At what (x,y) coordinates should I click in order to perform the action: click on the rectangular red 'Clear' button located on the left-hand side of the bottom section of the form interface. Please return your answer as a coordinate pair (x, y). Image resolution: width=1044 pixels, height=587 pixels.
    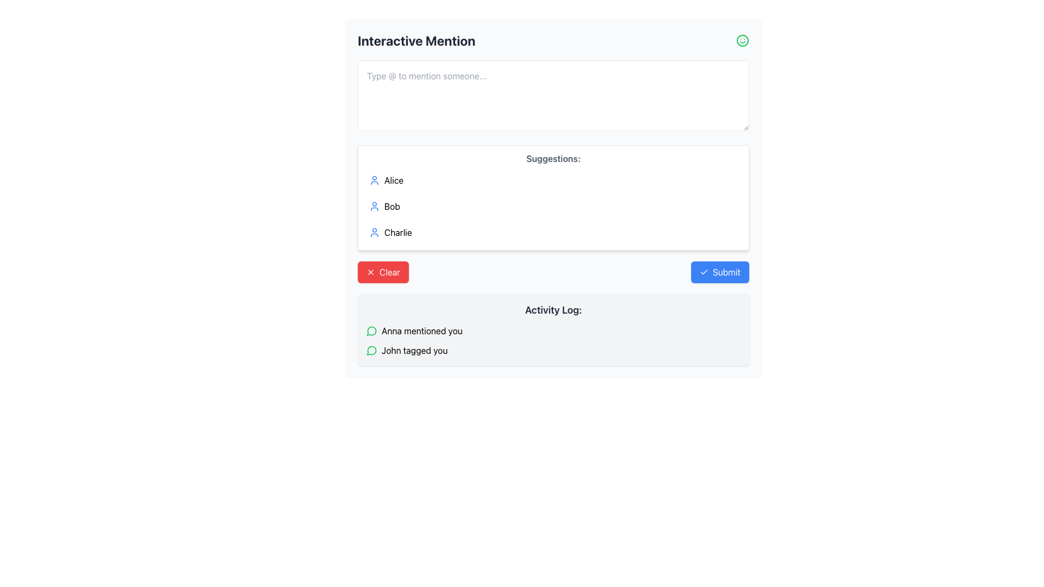
    Looking at the image, I should click on (383, 272).